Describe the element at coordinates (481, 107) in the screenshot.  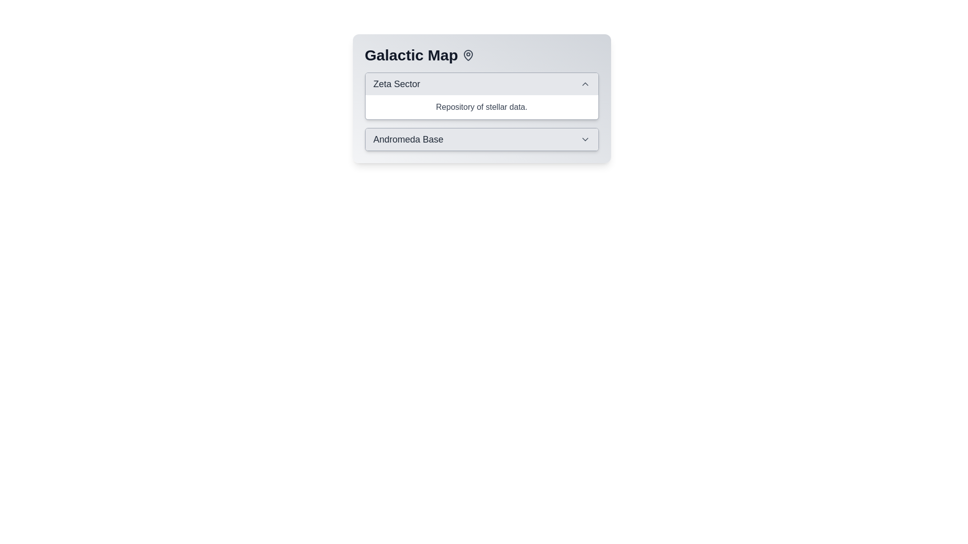
I see `the static text that reads 'Repository of stellar data.' located within the 'Zeta Sector' of the 'Galactic Map' interface` at that location.